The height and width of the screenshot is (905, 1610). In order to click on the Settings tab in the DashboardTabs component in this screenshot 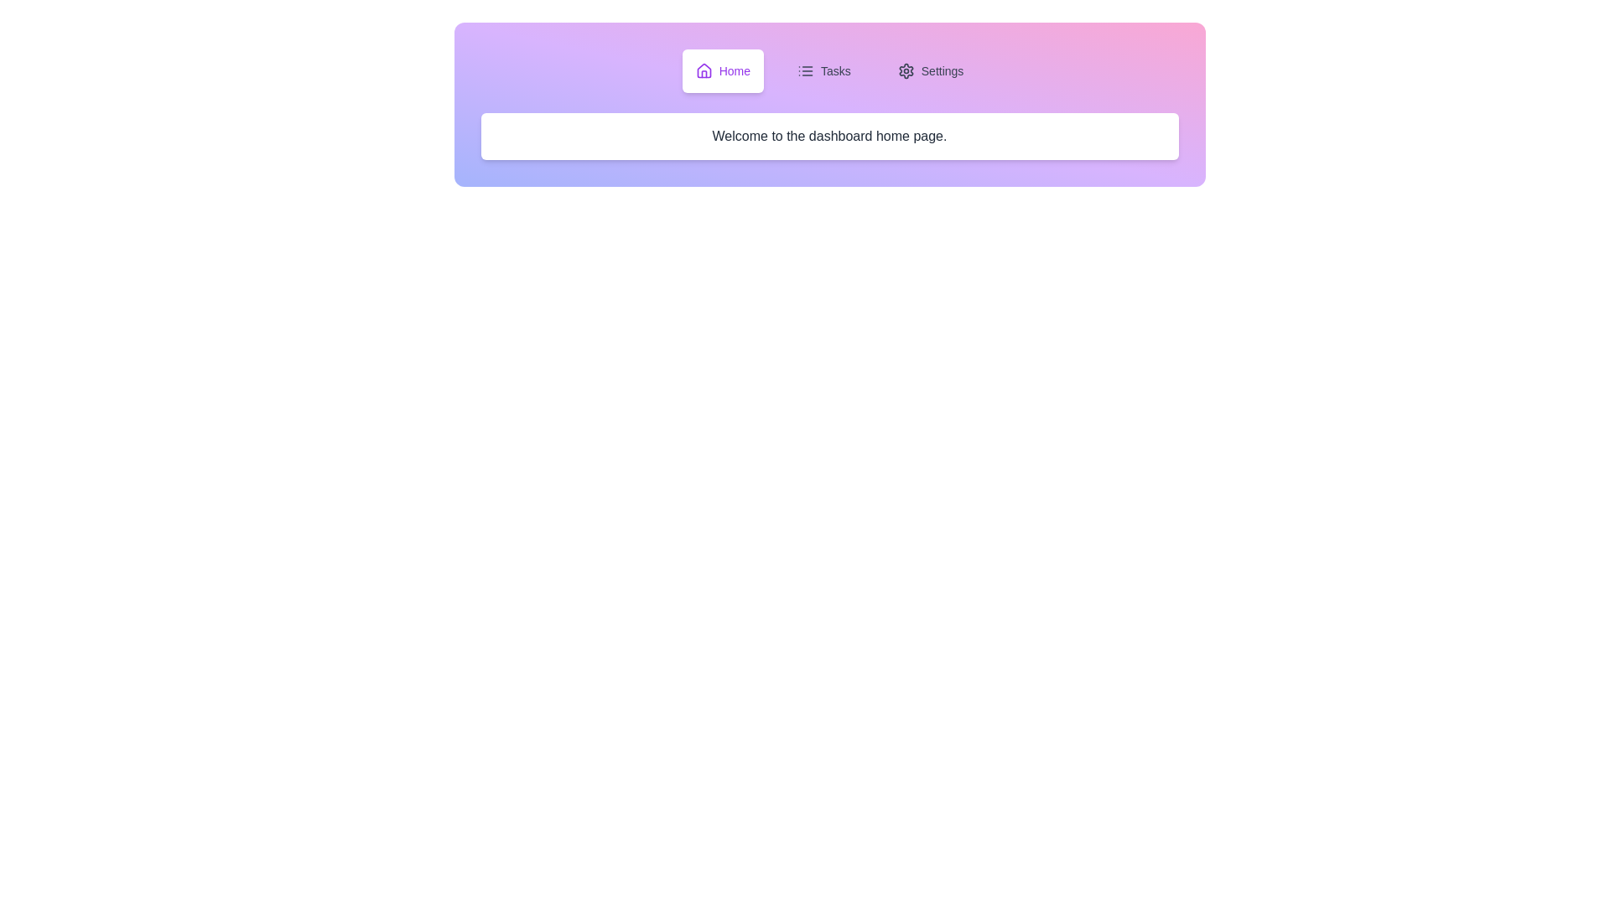, I will do `click(929, 70)`.